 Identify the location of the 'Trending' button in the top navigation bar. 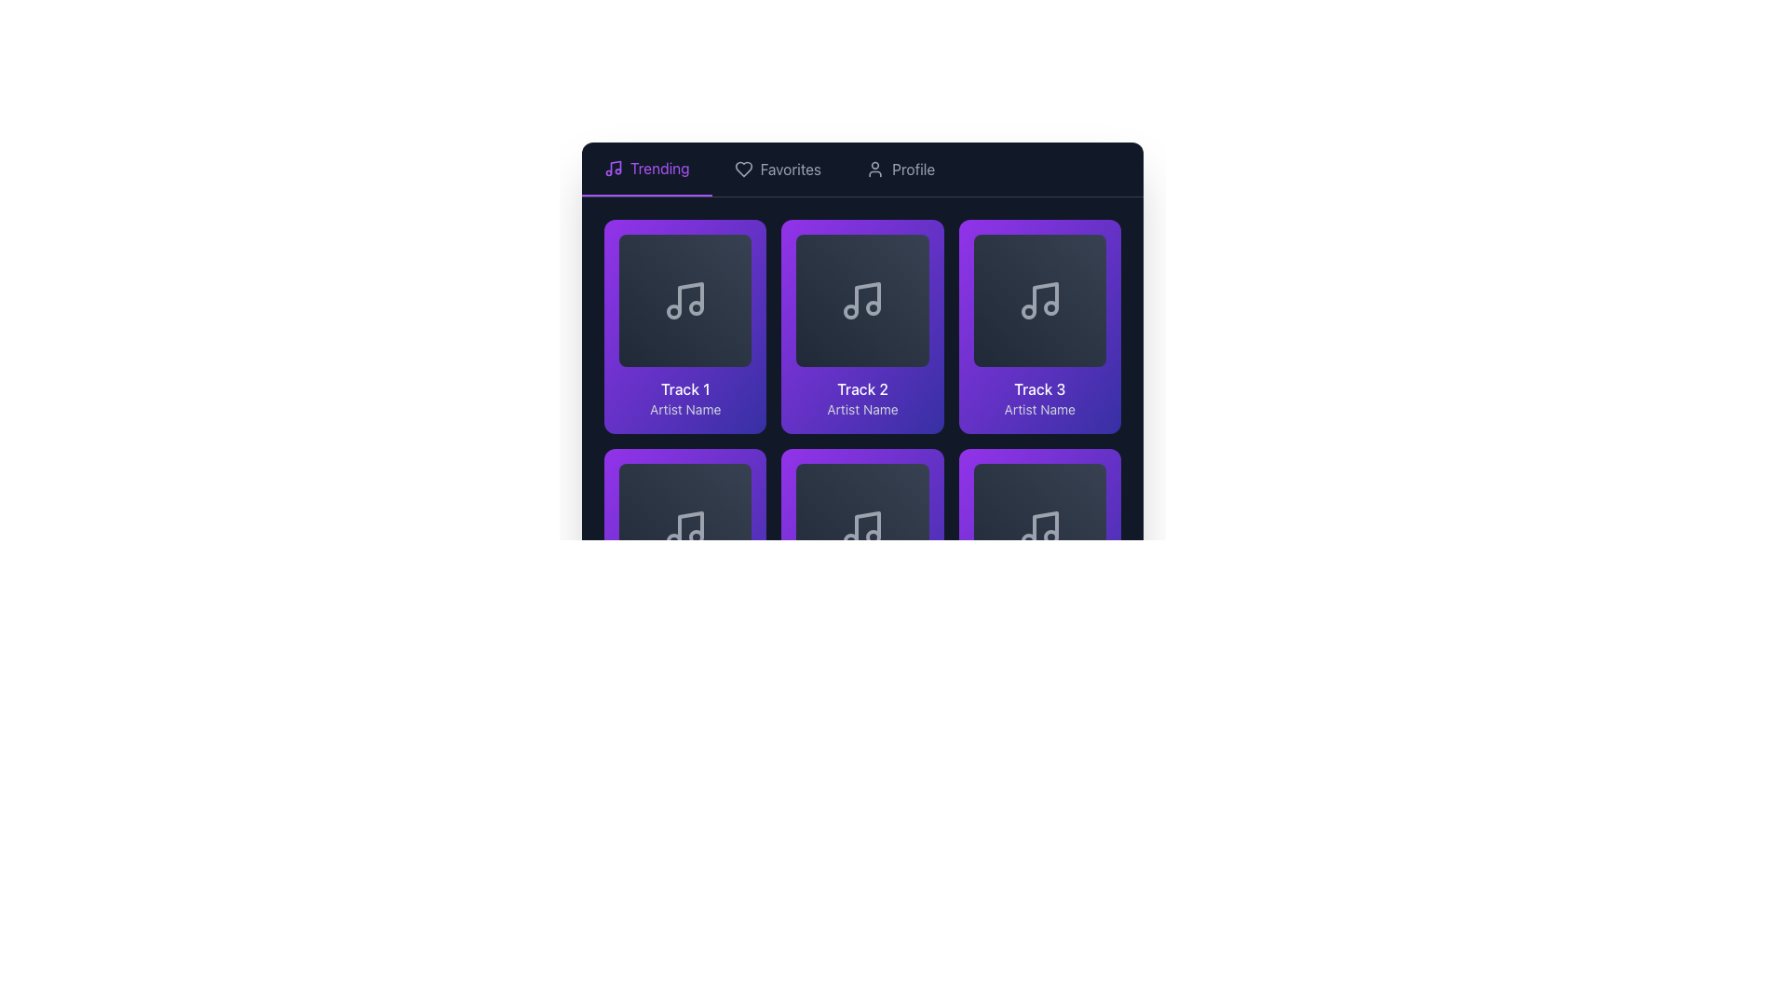
(646, 169).